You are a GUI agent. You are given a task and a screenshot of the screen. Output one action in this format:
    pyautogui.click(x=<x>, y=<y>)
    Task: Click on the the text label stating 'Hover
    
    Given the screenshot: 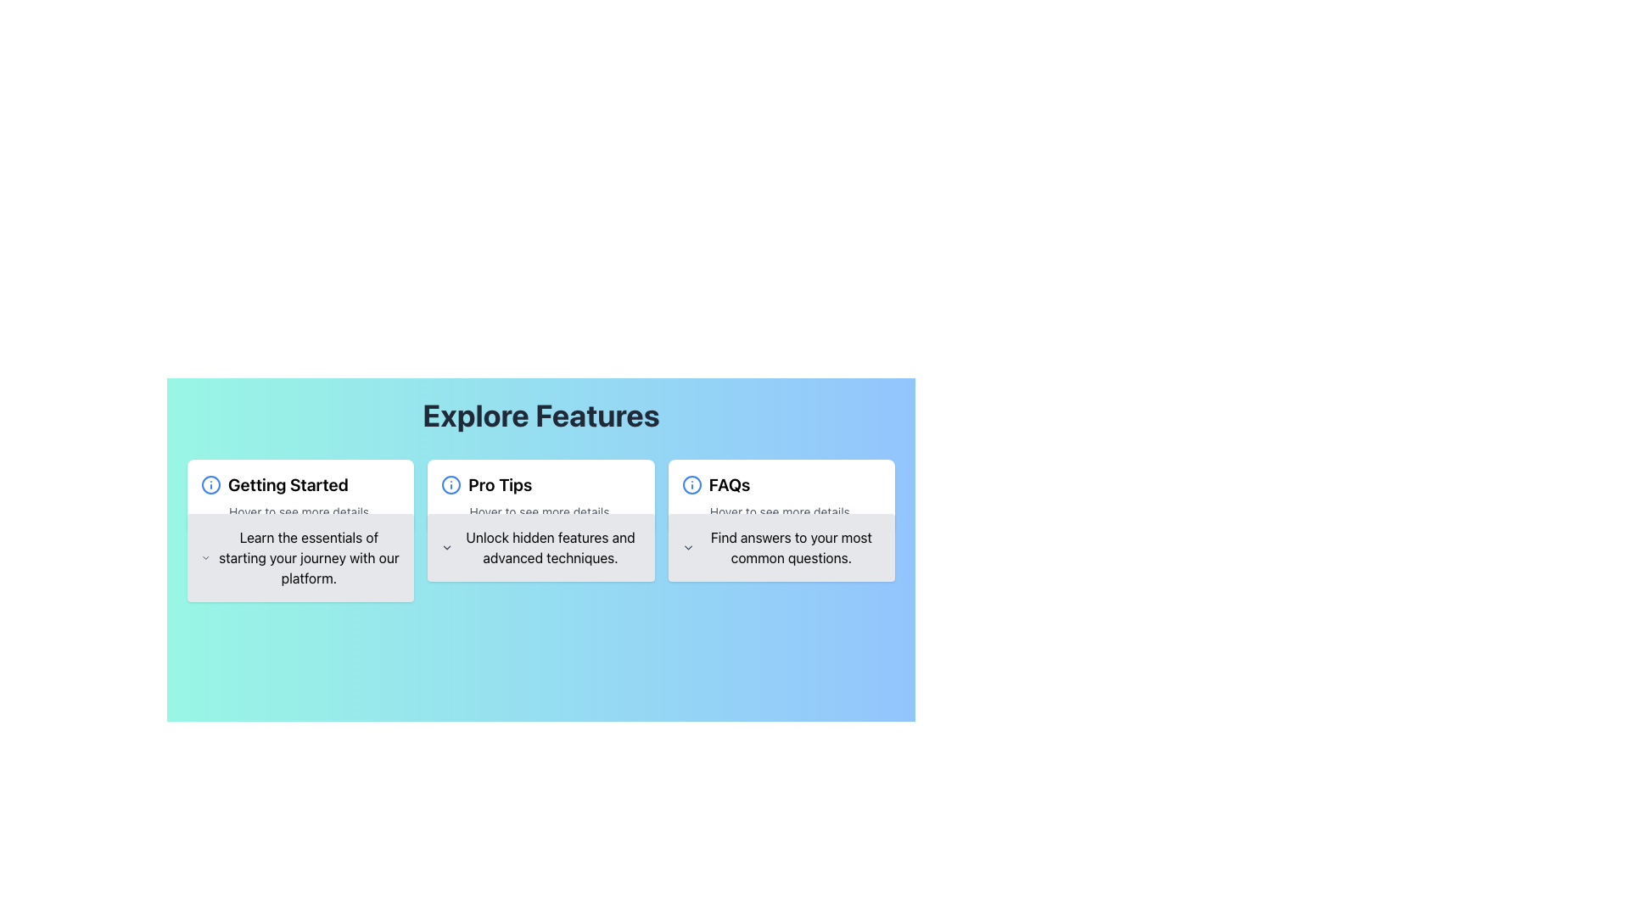 What is the action you would take?
    pyautogui.click(x=300, y=511)
    